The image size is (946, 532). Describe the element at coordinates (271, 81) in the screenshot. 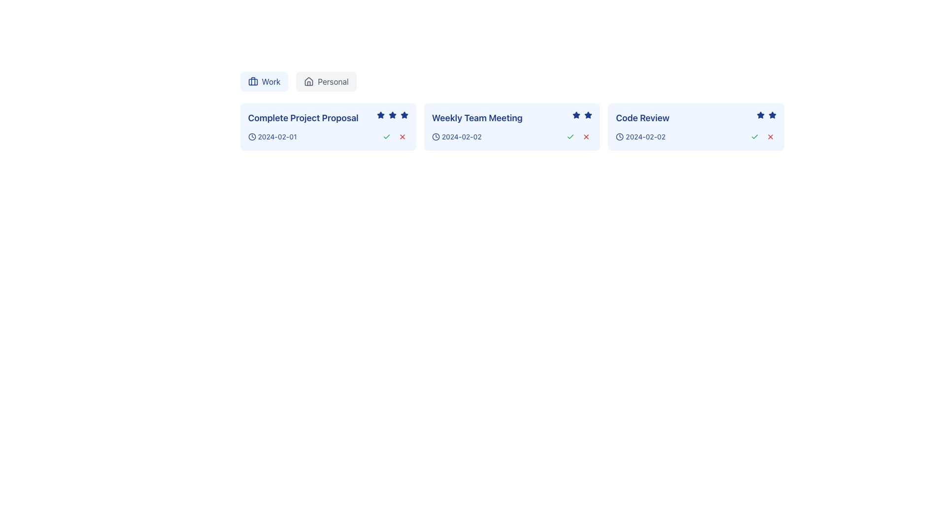

I see `the clickable Text Label for the 'Work' category` at that location.